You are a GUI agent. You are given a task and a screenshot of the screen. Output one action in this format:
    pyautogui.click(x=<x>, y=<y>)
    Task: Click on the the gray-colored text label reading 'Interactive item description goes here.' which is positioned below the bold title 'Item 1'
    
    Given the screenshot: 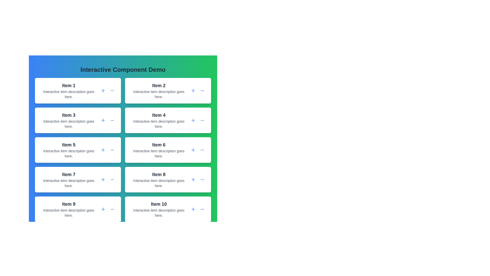 What is the action you would take?
    pyautogui.click(x=68, y=94)
    